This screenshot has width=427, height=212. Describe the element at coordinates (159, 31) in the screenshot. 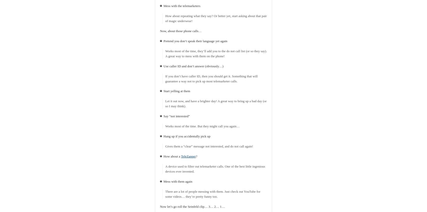

I see `'Now, about those phone calls…'` at that location.